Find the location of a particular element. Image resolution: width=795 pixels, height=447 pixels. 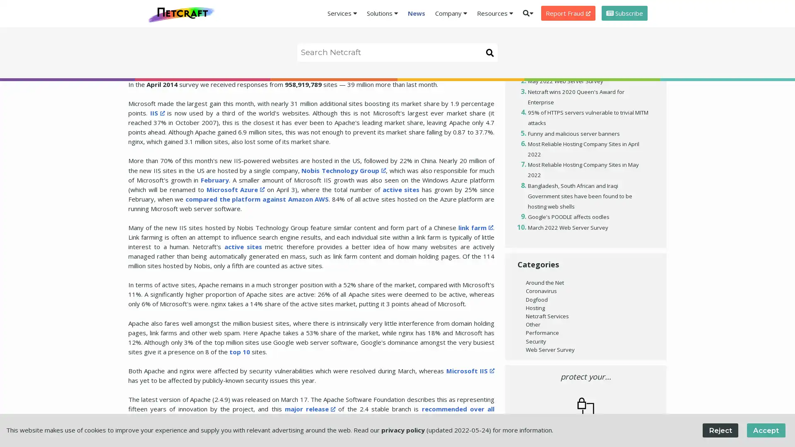

Reject is located at coordinates (720, 430).